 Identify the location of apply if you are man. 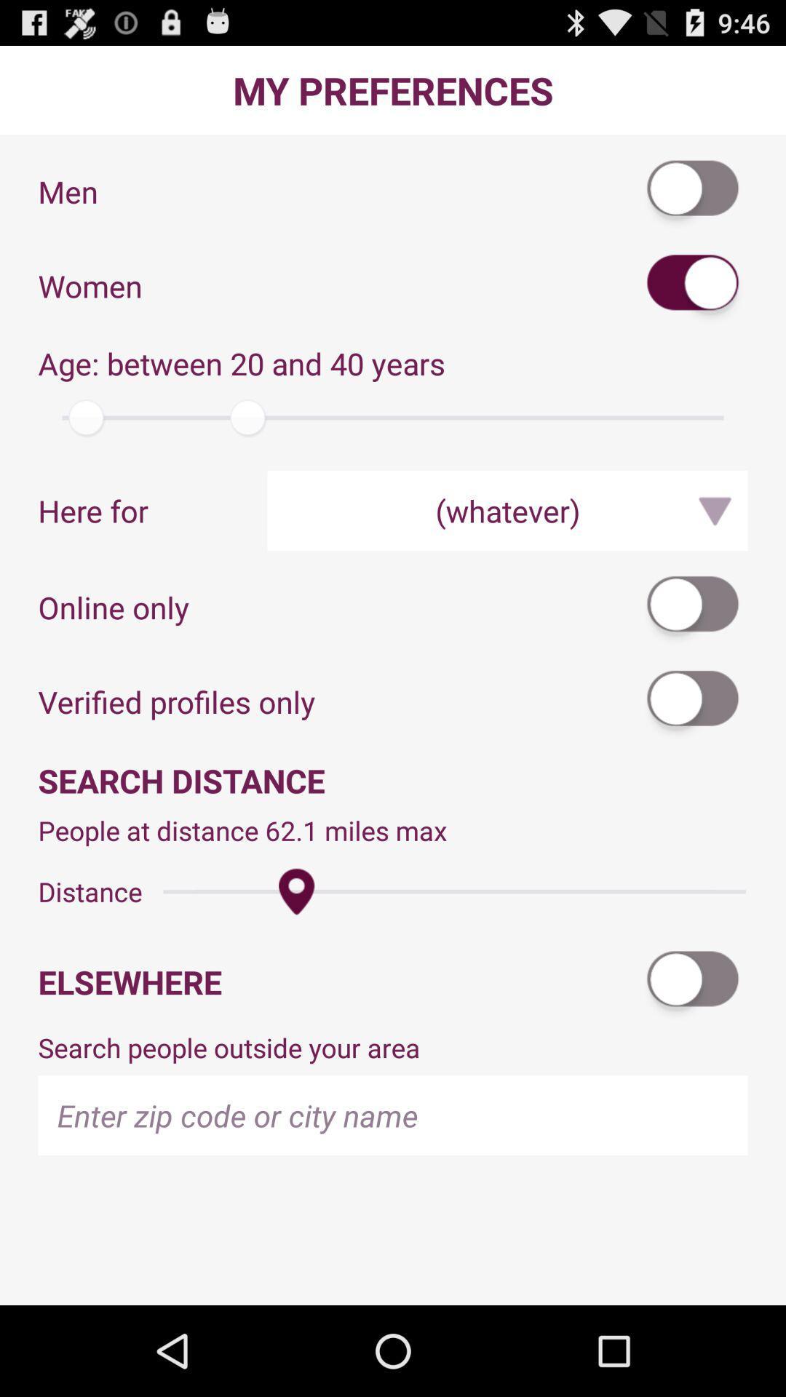
(693, 191).